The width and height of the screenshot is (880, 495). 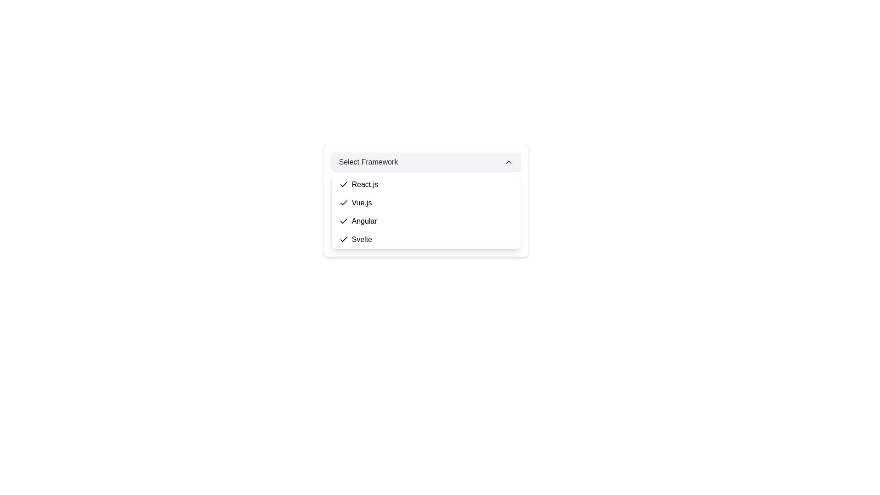 I want to click on the 'Angular' dropdown list item, so click(x=357, y=221).